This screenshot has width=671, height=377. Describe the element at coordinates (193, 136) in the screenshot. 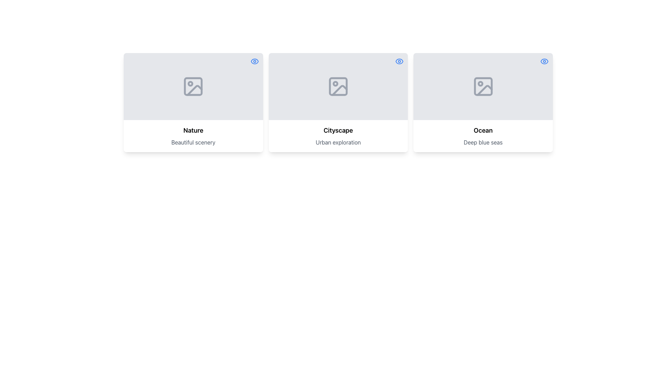

I see `static text display that contains a bold heading 'Nature' and a subtitle 'Beautiful scenery', located at the bottom section of the first card component from the left` at that location.